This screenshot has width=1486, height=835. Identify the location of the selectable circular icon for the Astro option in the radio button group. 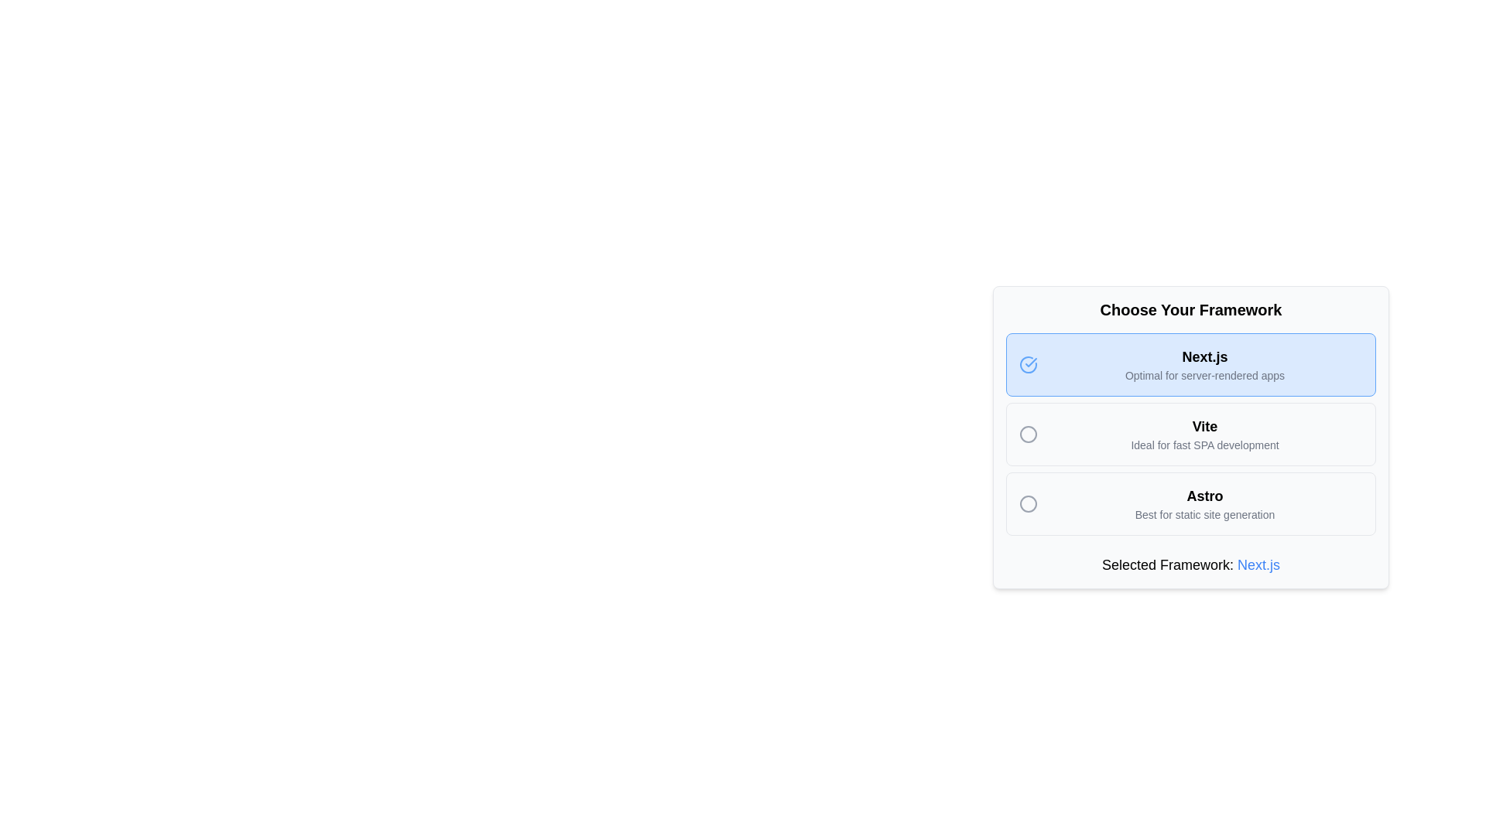
(1029, 503).